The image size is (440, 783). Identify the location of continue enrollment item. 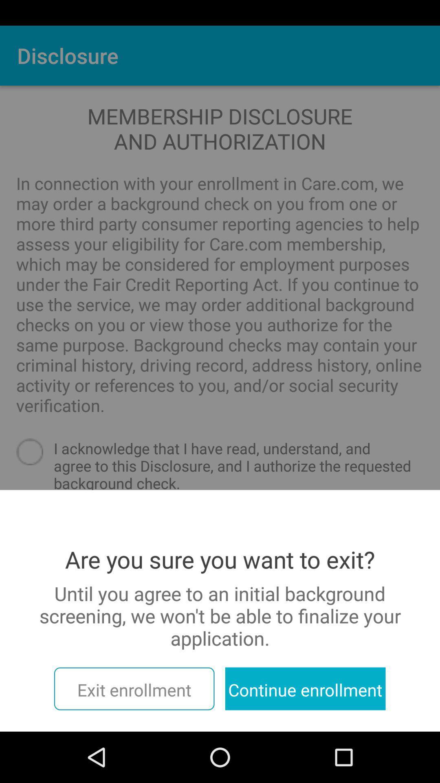
(305, 688).